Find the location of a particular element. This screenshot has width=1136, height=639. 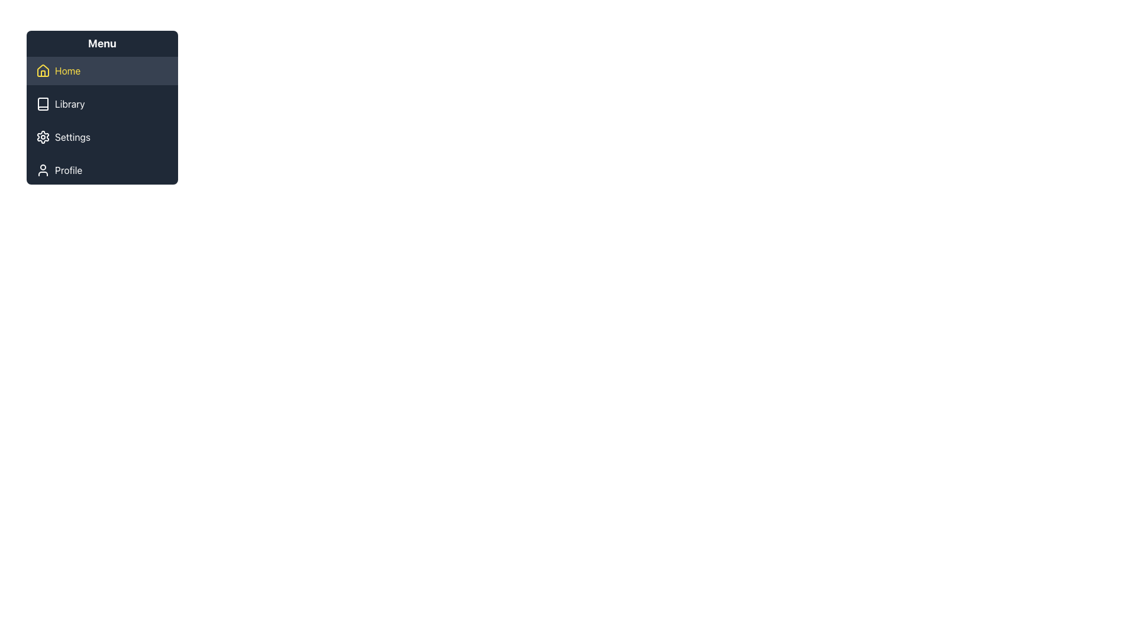

the user-profile icon, which is a circular icon with a white outline on a dark background, located to the left of the text label 'Profile' is located at coordinates (43, 170).